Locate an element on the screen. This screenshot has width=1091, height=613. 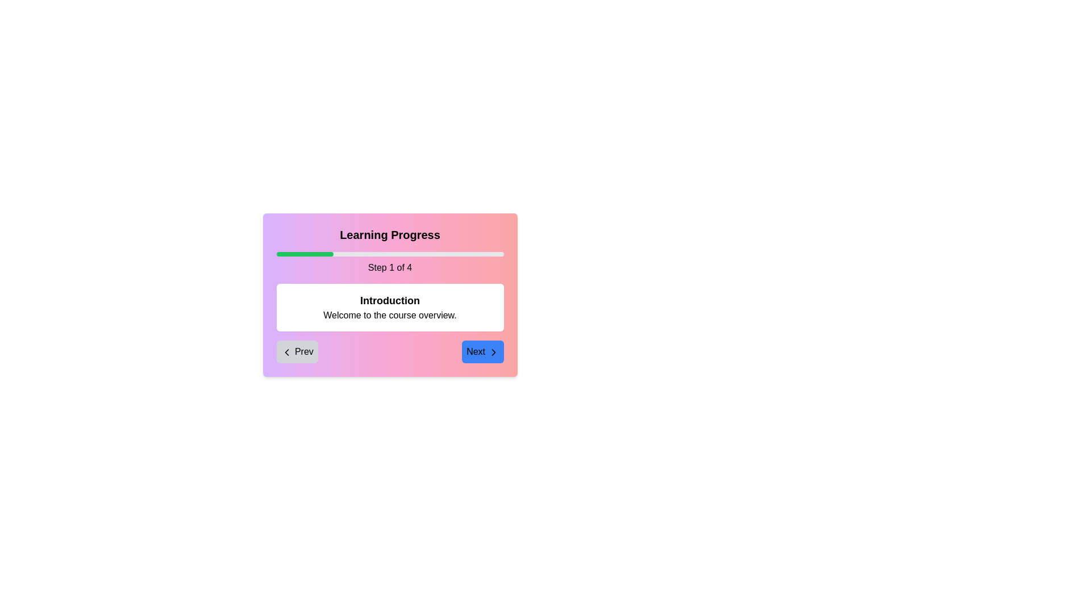
the Left-chevron icon inside the 'Prev' button located in the bottom-left corner of the card interface is located at coordinates (286, 351).